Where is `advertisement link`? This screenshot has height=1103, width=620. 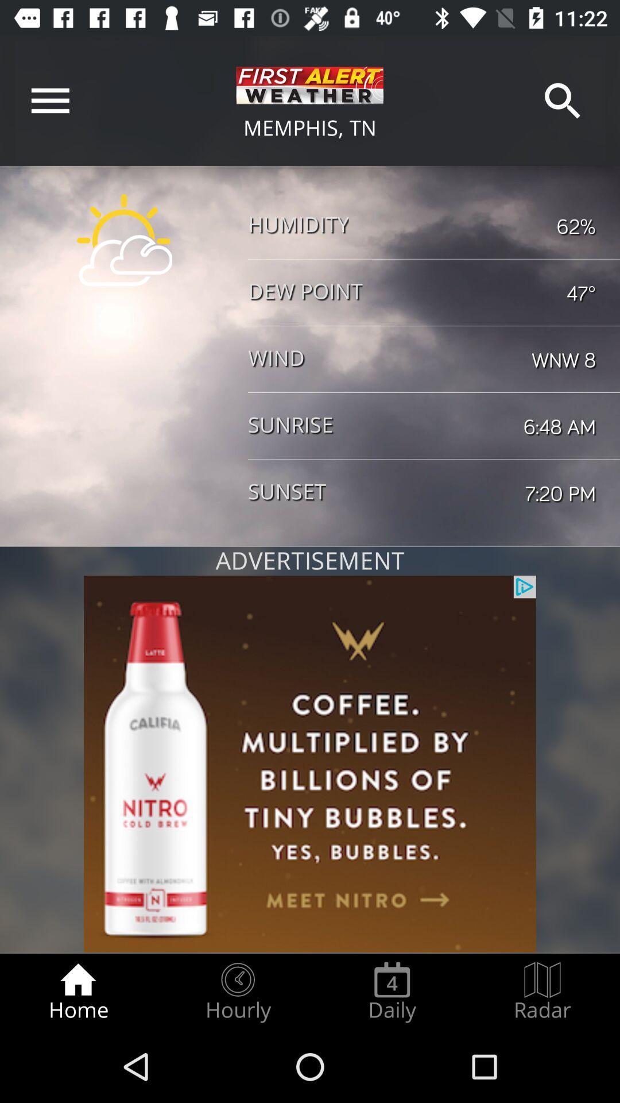
advertisement link is located at coordinates (310, 764).